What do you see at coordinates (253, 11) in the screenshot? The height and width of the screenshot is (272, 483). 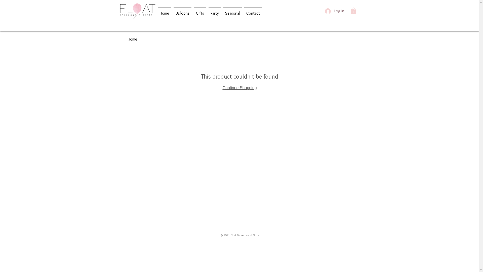 I see `'Contact'` at bounding box center [253, 11].